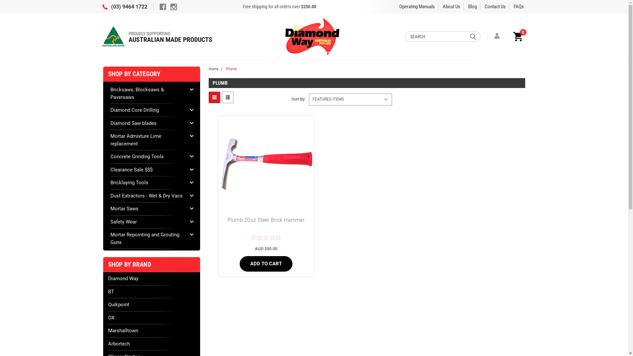 The image size is (633, 356). Describe the element at coordinates (151, 343) in the screenshot. I see `'Arbortech'` at that location.